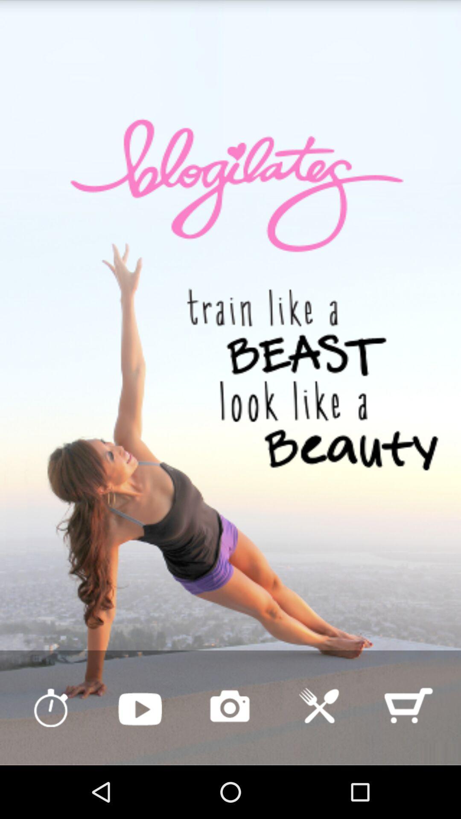 The width and height of the screenshot is (461, 819). What do you see at coordinates (51, 758) in the screenshot?
I see `the time icon` at bounding box center [51, 758].